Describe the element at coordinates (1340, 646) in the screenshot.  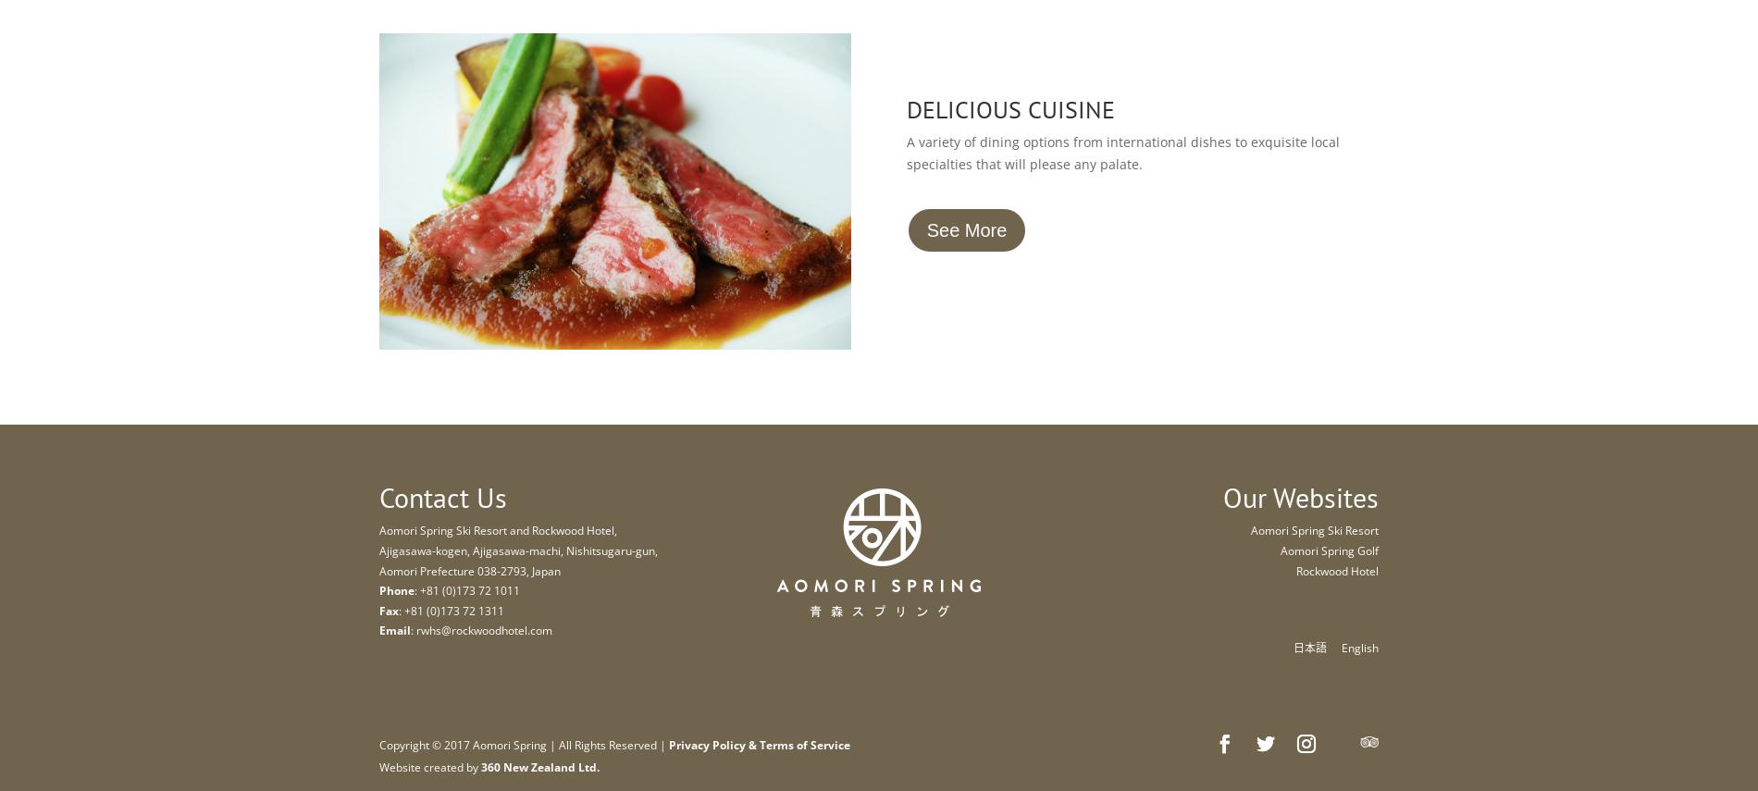
I see `'English'` at that location.